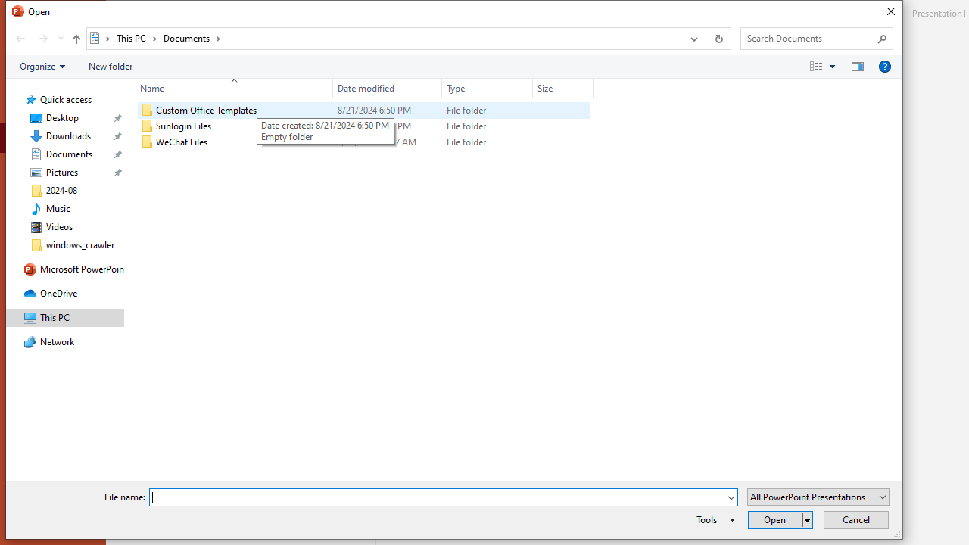  I want to click on 'New folder', so click(109, 65).